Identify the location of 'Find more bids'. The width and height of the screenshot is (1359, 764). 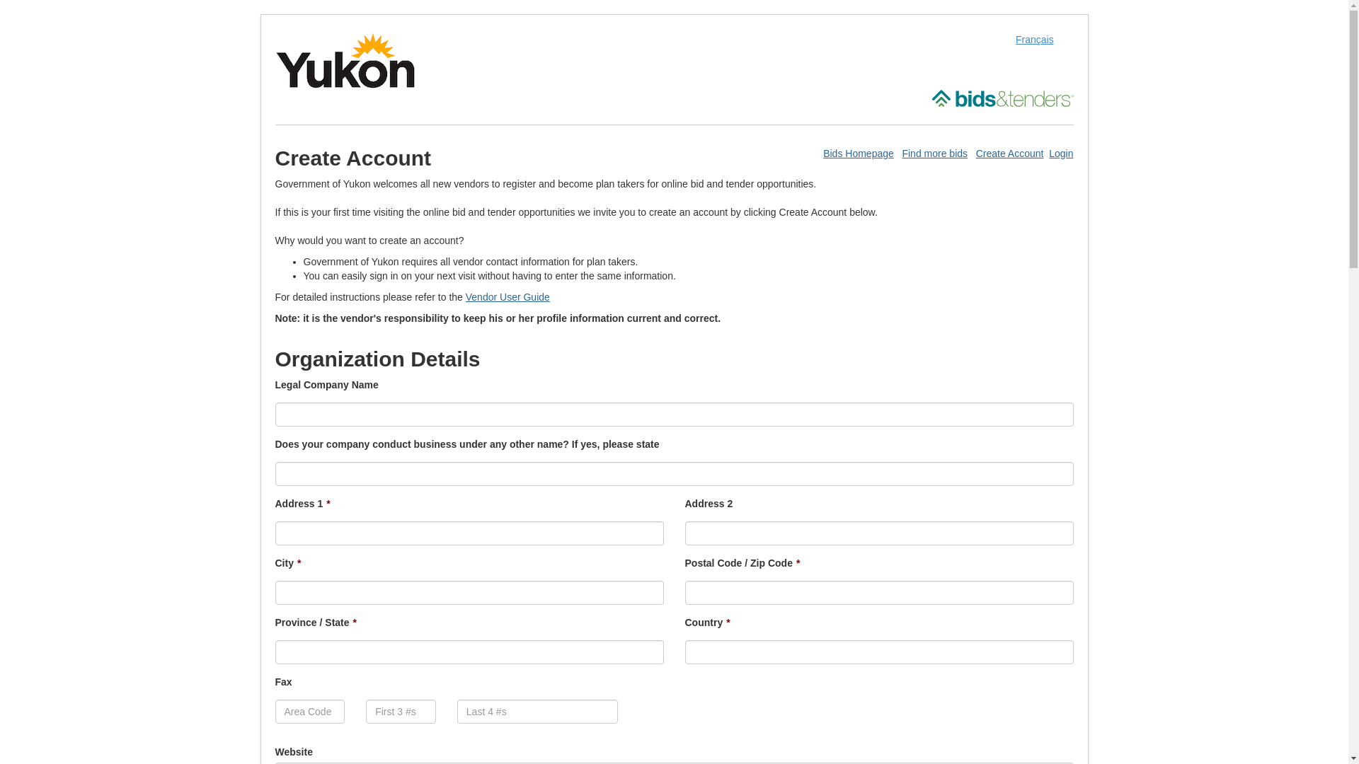
(900, 153).